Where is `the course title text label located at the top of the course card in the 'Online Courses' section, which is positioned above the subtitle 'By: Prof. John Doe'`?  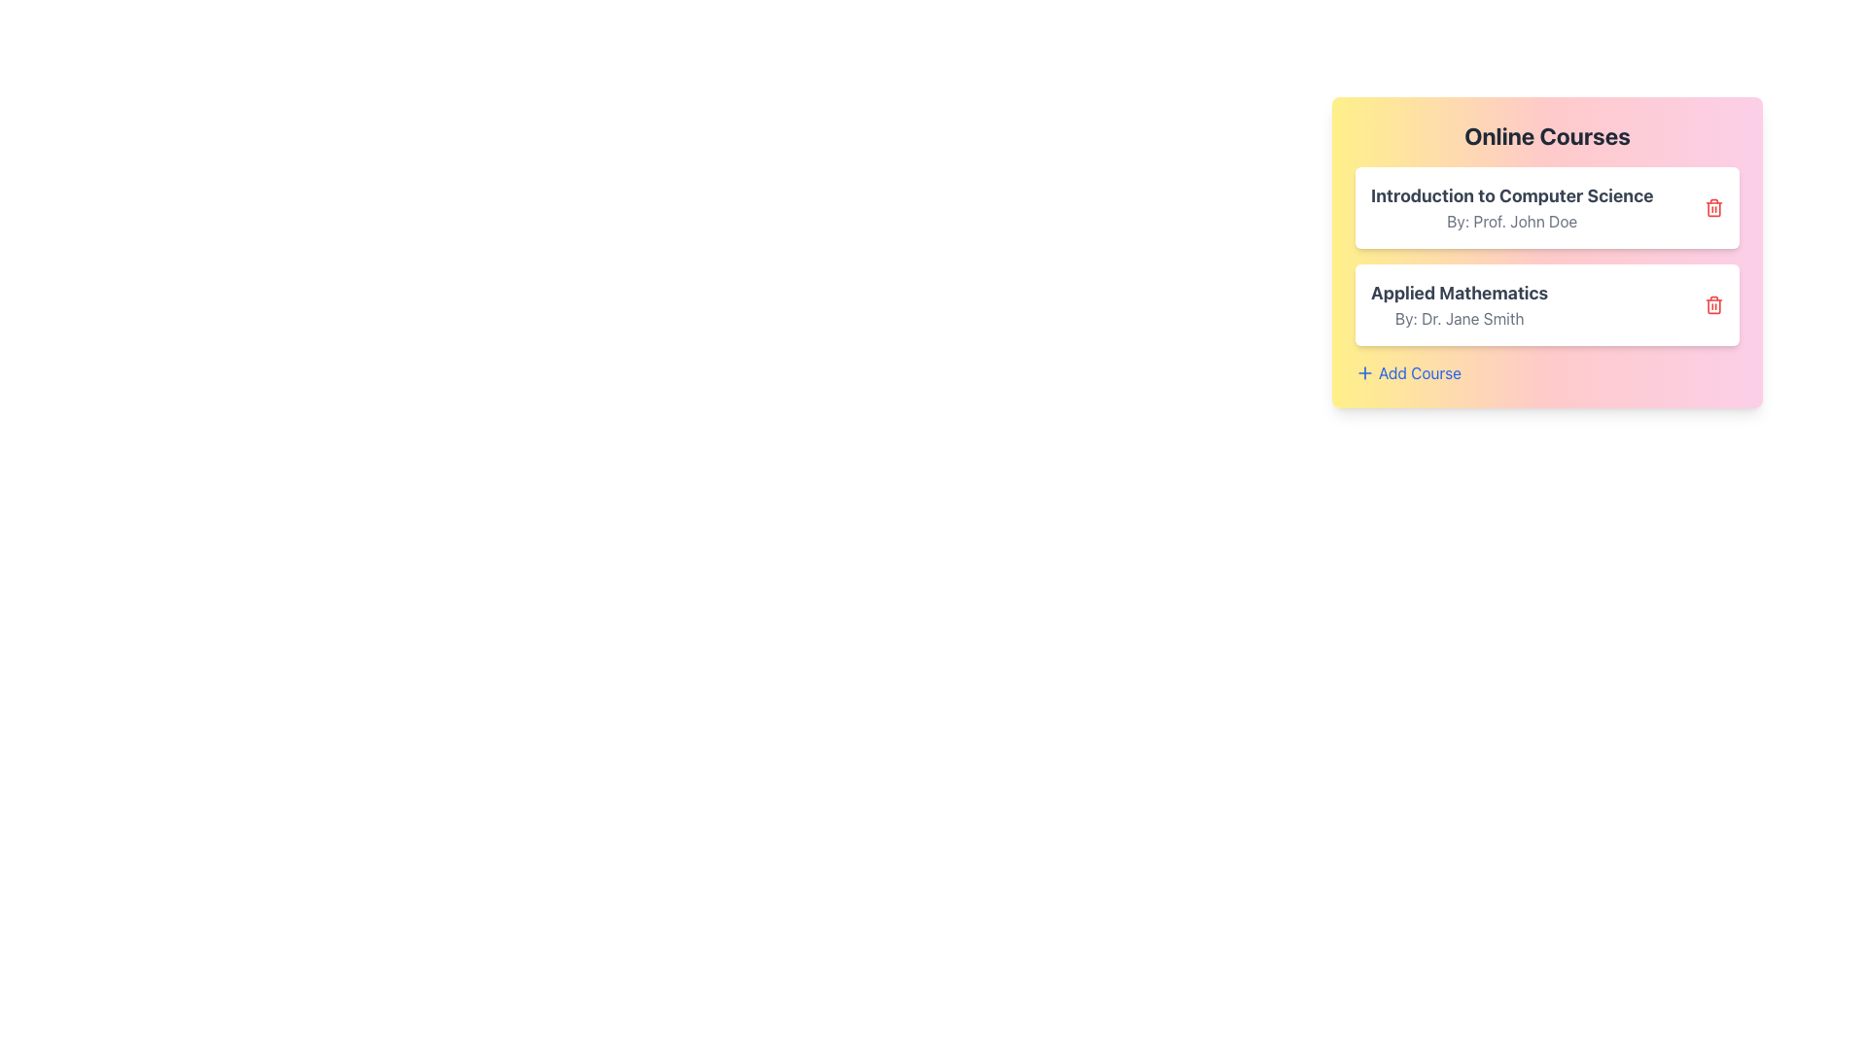
the course title text label located at the top of the course card in the 'Online Courses' section, which is positioned above the subtitle 'By: Prof. John Doe' is located at coordinates (1511, 195).